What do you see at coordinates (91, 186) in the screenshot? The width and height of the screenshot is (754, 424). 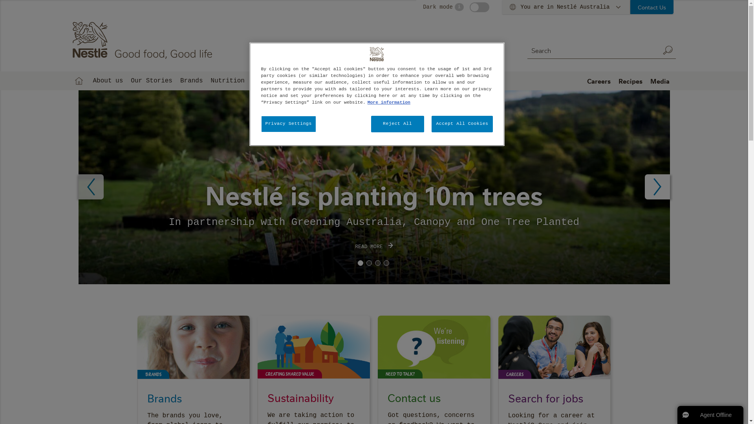 I see `'Previous'` at bounding box center [91, 186].